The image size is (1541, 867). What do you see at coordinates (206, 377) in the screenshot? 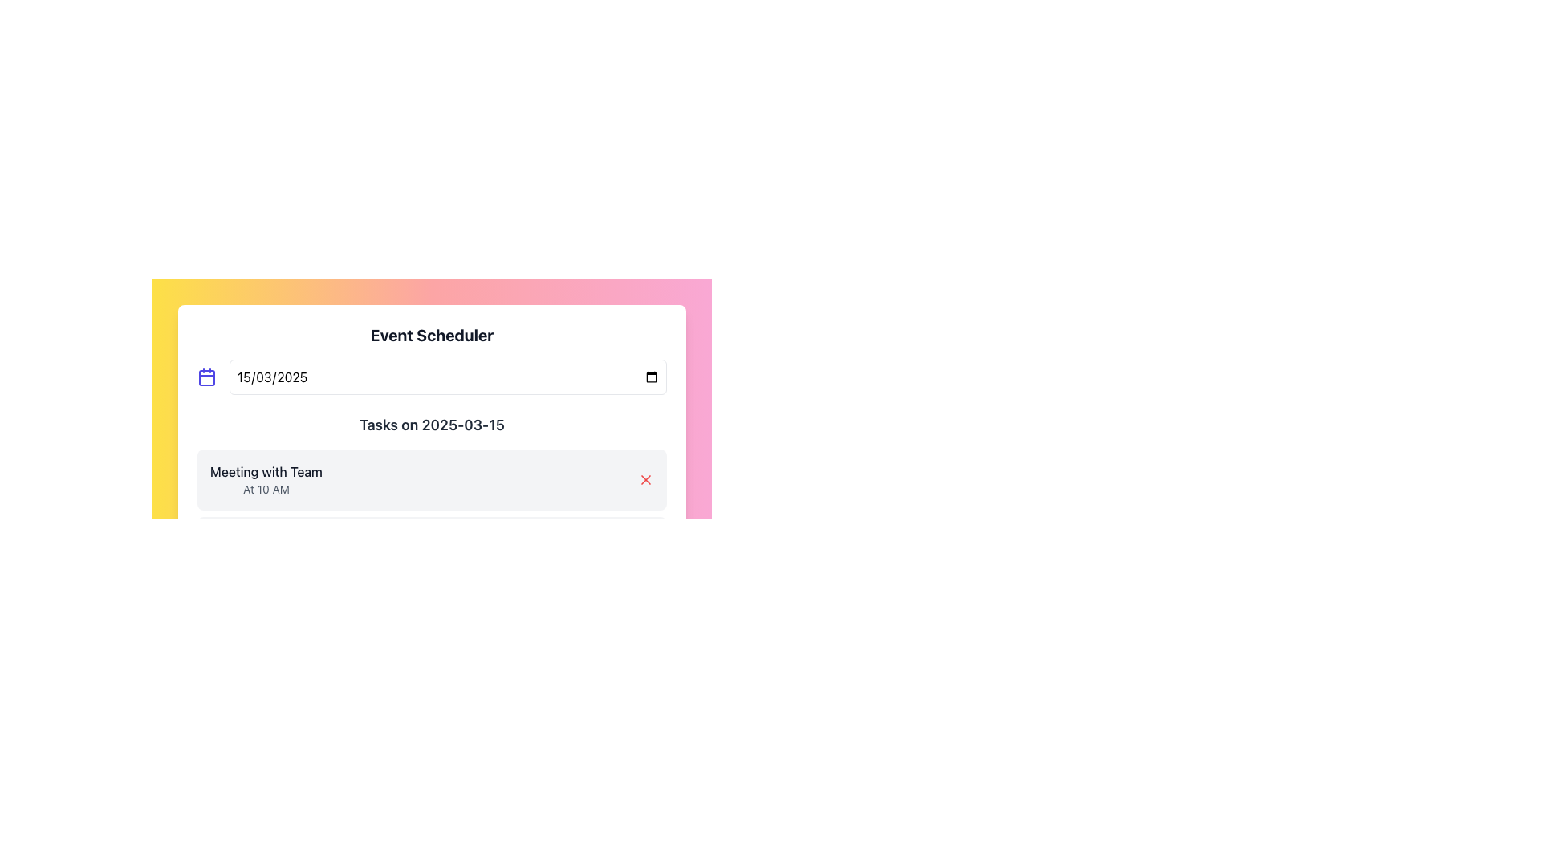
I see `the calendar icon, which is a square shape with rounded edges, featuring a blue outline and calendar symbols, located adjacent to the input field for the date` at bounding box center [206, 377].